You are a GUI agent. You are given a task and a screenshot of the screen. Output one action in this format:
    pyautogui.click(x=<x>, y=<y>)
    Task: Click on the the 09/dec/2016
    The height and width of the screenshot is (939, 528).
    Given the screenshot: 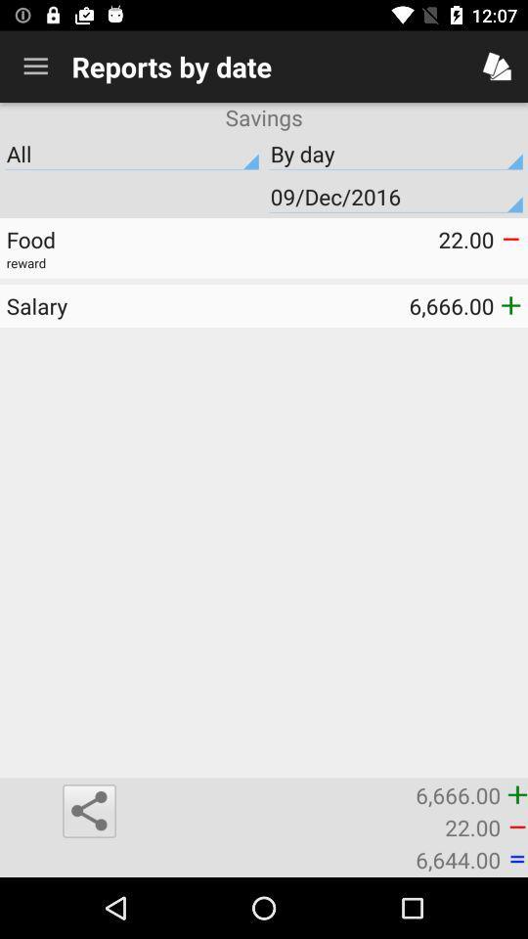 What is the action you would take?
    pyautogui.click(x=396, y=197)
    